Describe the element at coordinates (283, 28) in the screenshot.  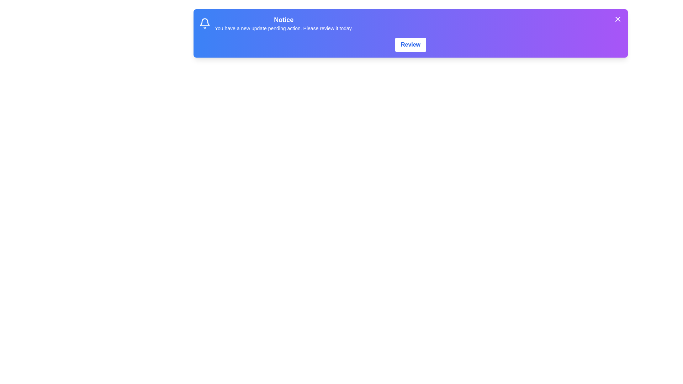
I see `text label that says 'You have a new update pending action. Please review it today.' positioned below the title 'Notice'` at that location.